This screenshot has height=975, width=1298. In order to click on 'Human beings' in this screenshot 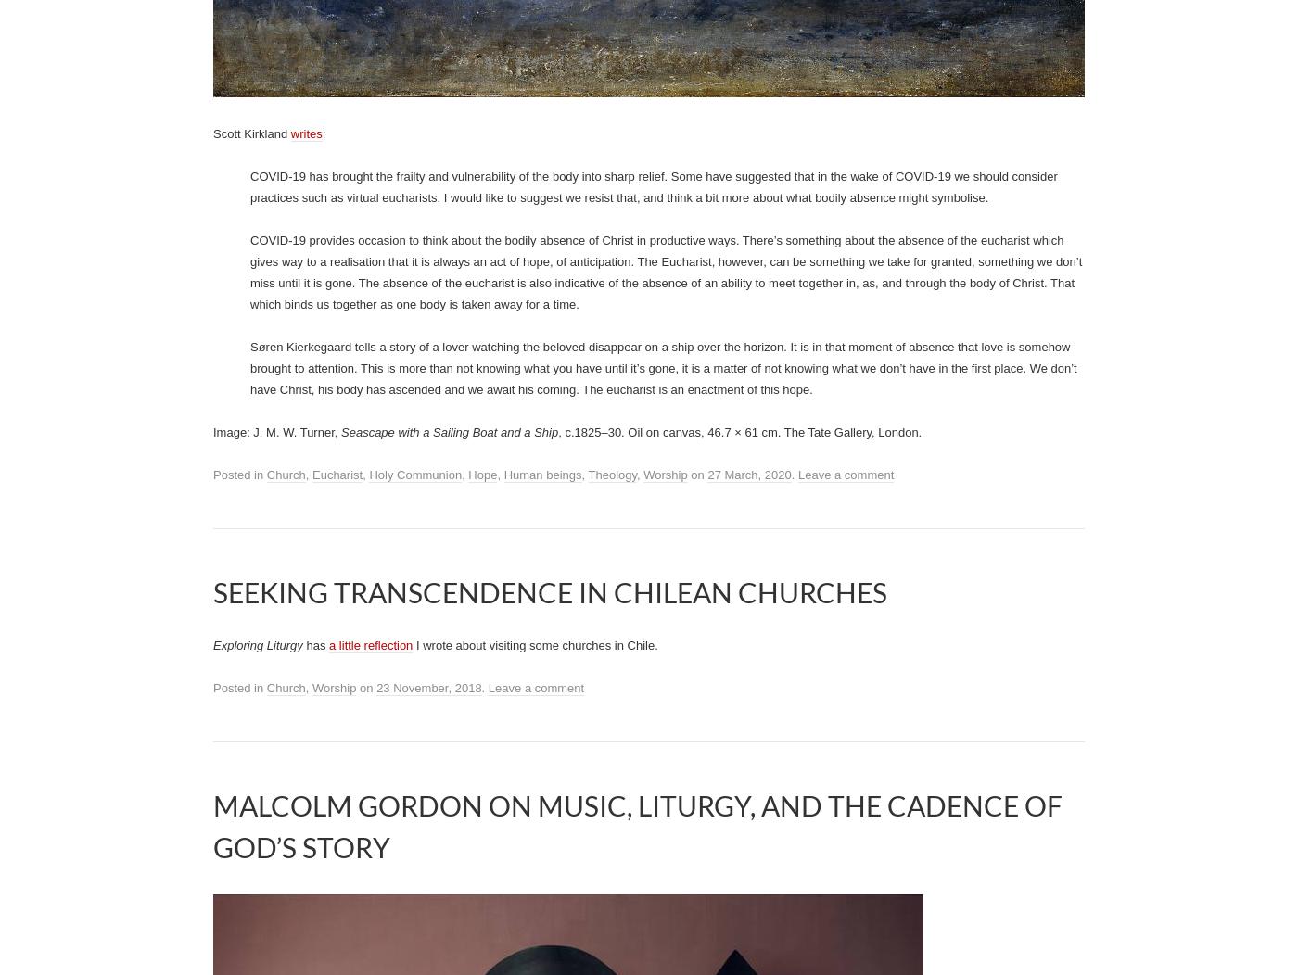, I will do `click(542, 474)`.